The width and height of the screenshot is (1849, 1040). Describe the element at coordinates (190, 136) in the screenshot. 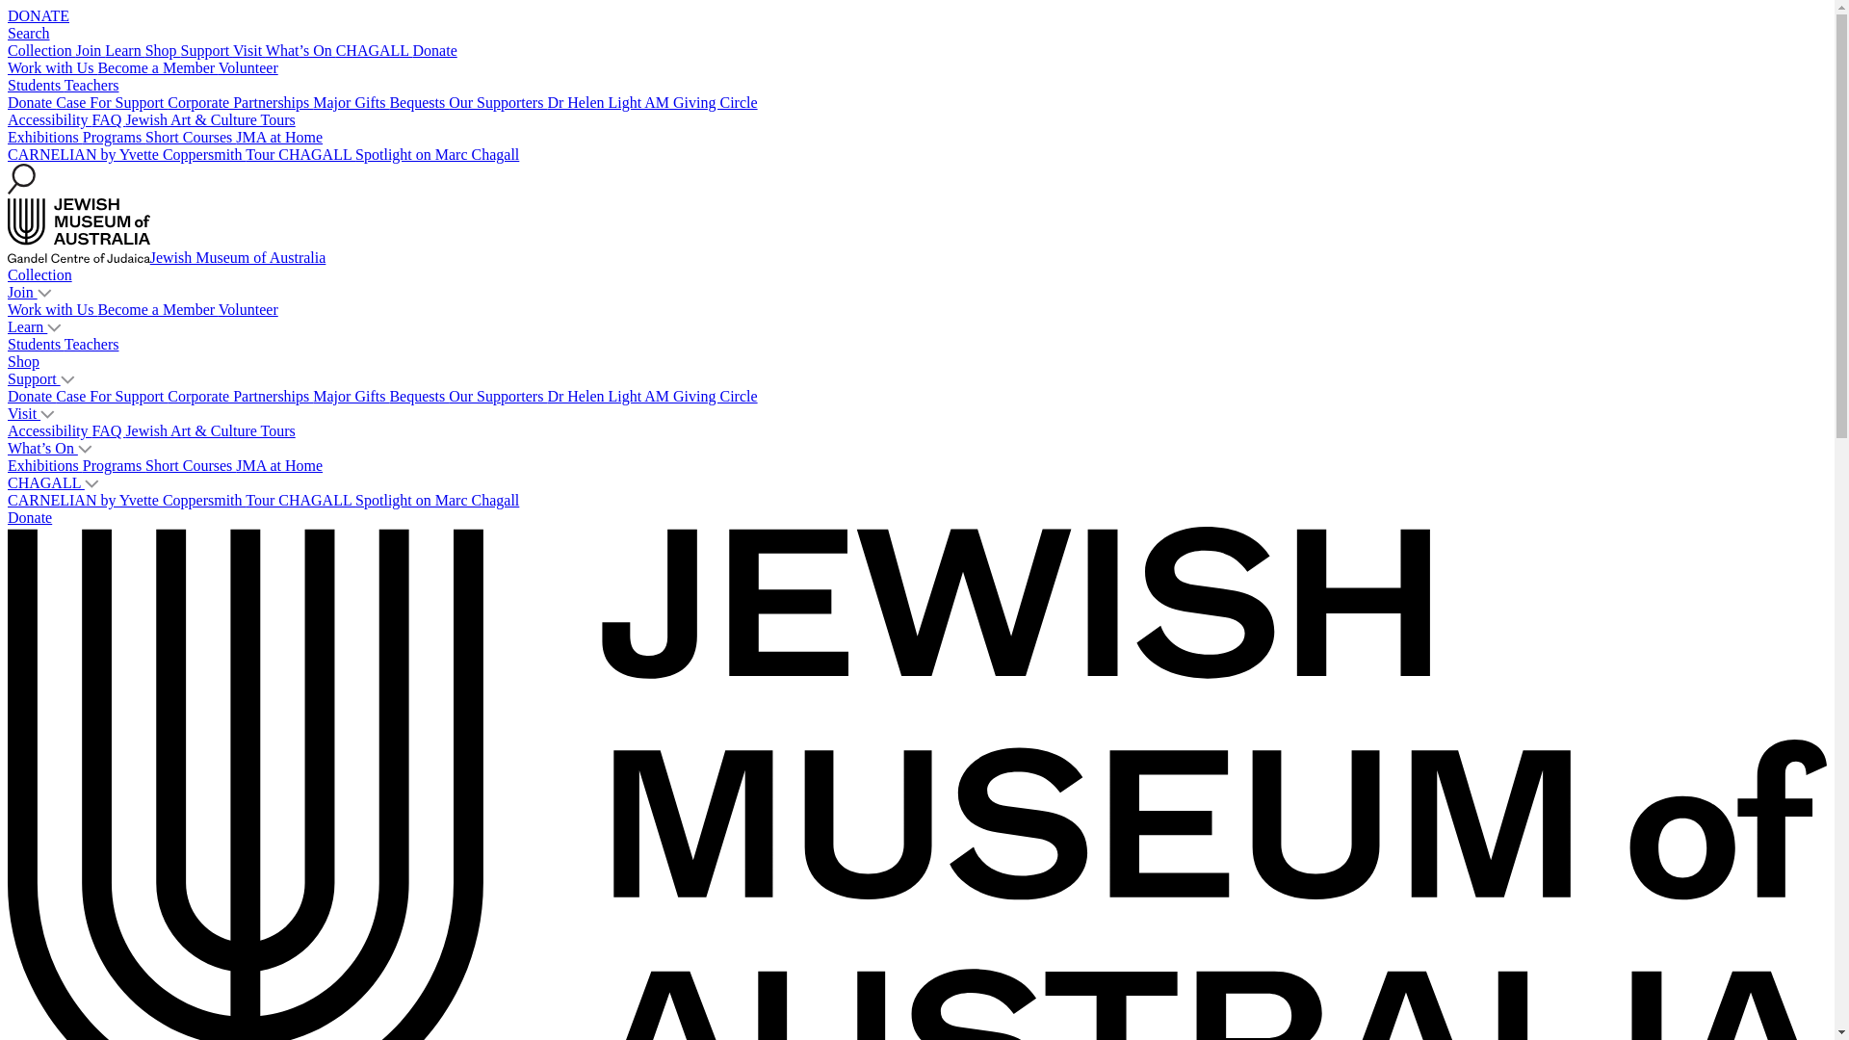

I see `'Short Courses'` at that location.